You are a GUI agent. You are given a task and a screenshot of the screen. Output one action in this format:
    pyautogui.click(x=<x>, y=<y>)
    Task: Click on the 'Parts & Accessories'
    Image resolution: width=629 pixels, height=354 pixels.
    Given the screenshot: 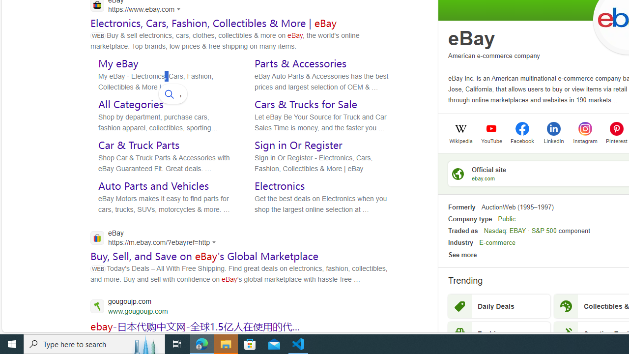 What is the action you would take?
    pyautogui.click(x=300, y=63)
    